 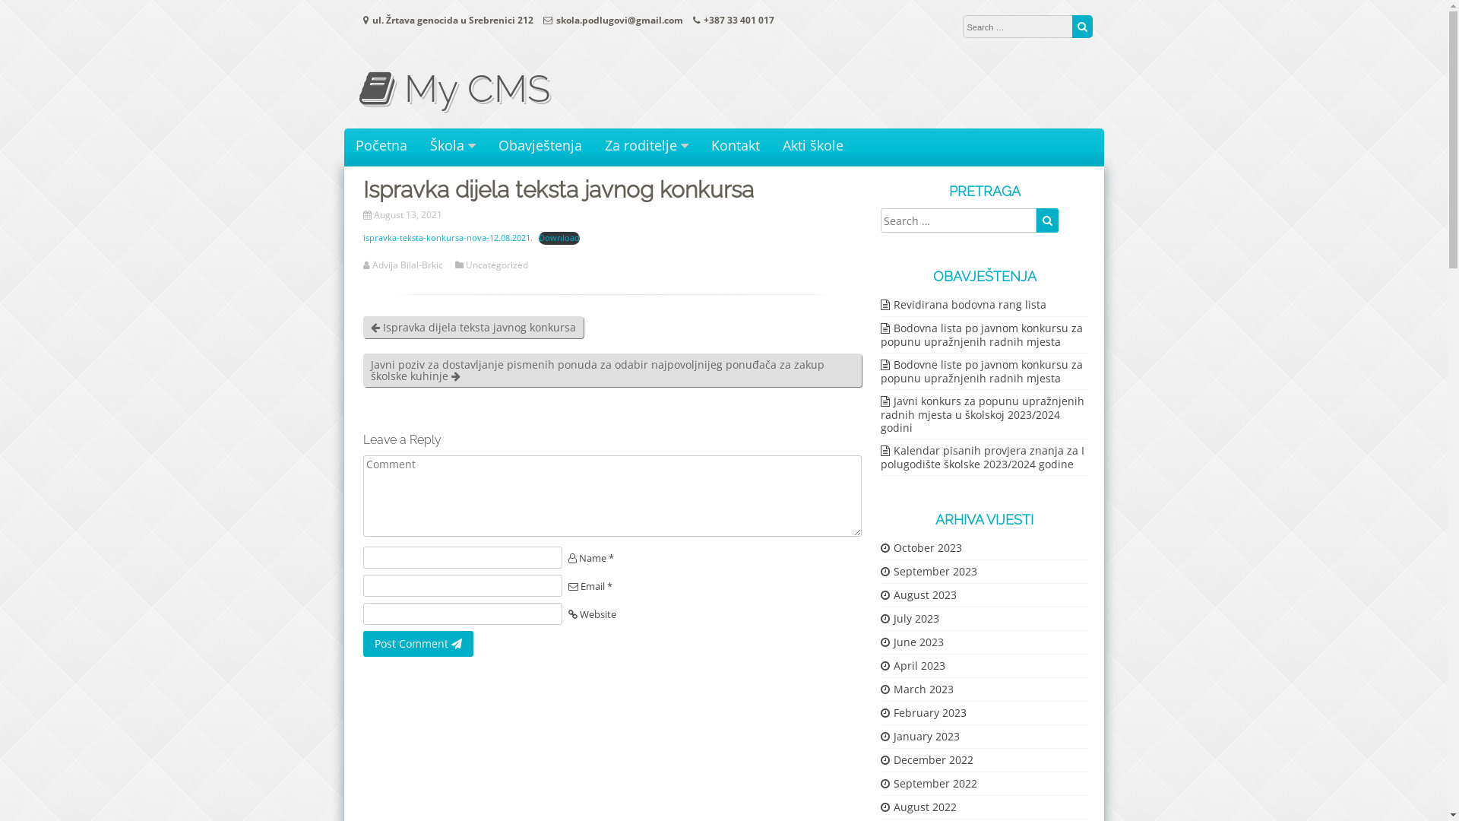 I want to click on 'Post Comment', so click(x=418, y=644).